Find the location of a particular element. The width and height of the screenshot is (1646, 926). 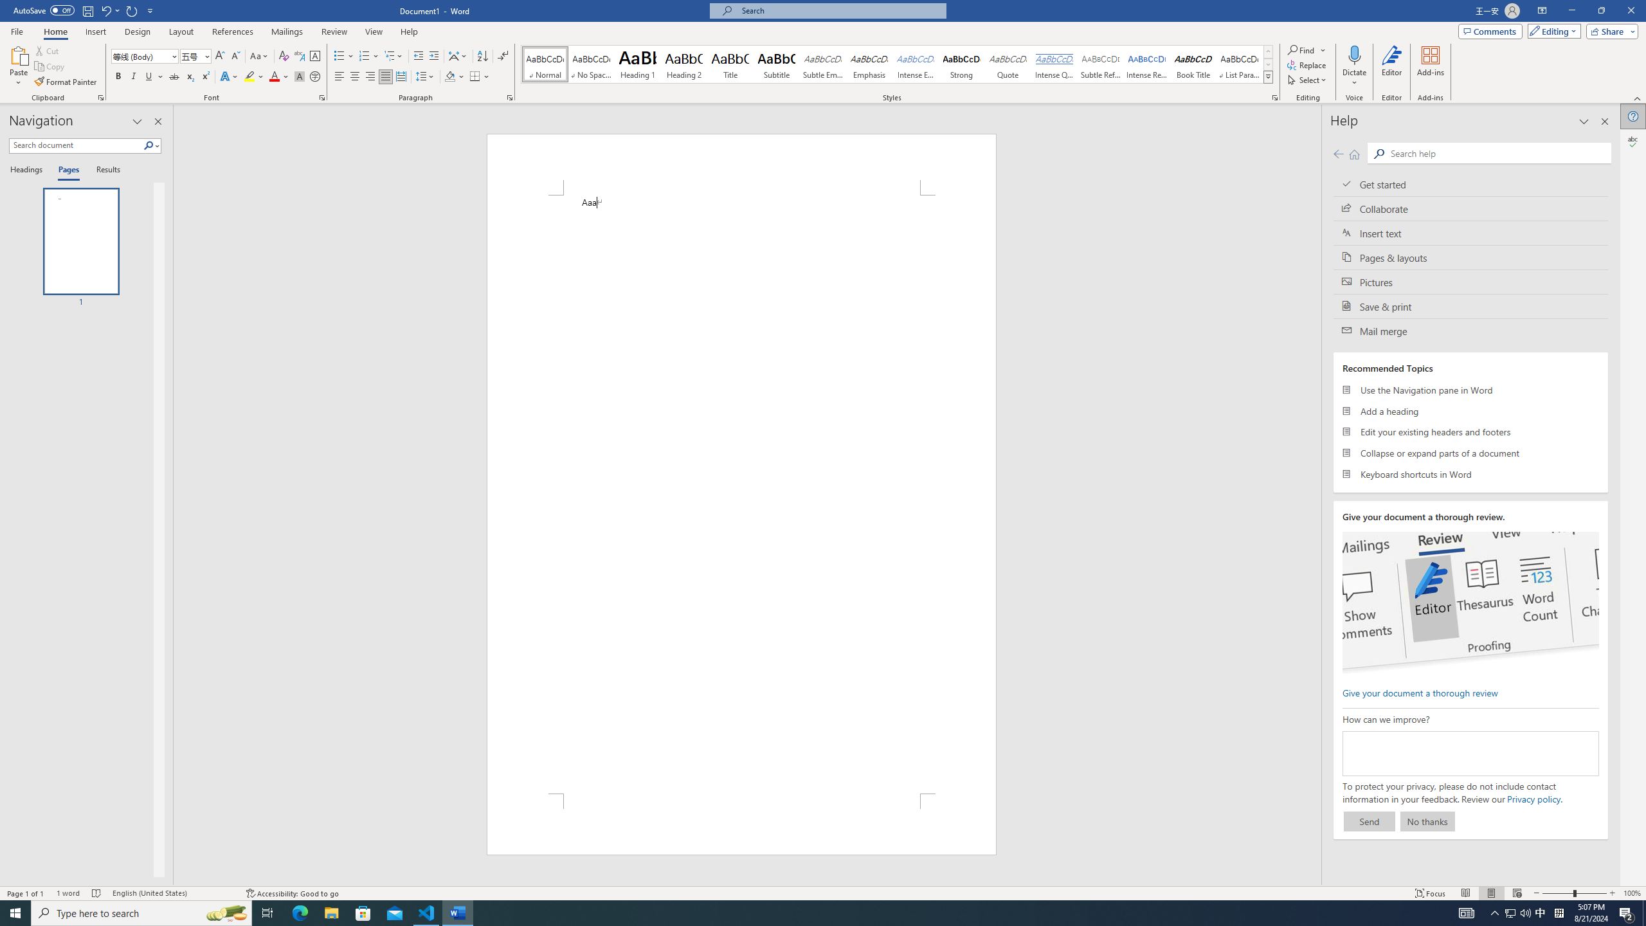

'Subtitle' is located at coordinates (776, 64).